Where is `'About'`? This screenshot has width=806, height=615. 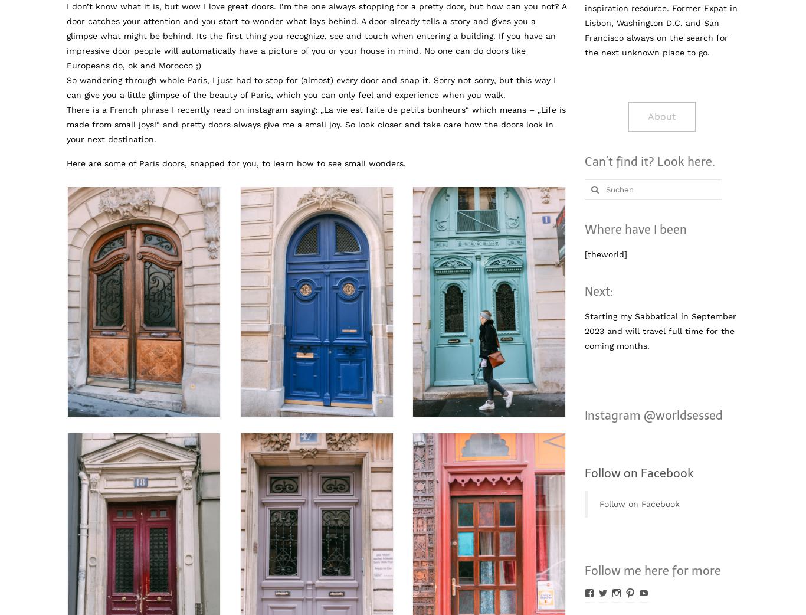
'About' is located at coordinates (660, 115).